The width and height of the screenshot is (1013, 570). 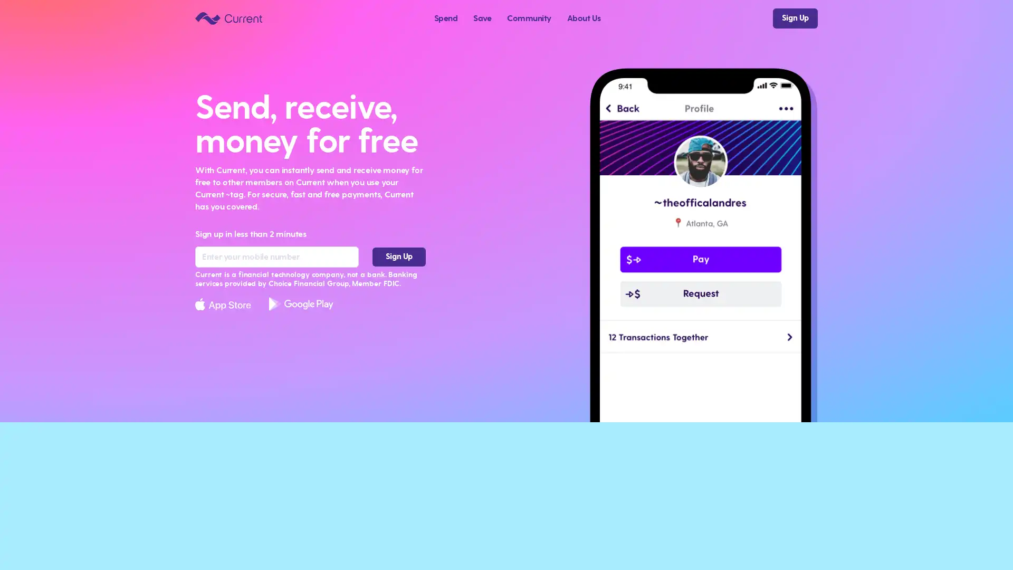 I want to click on Sign Up, so click(x=394, y=256).